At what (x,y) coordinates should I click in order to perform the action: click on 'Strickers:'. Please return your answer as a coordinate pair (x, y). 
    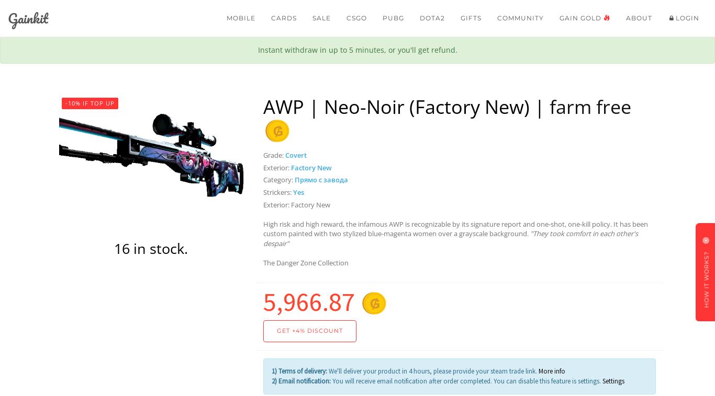
    Looking at the image, I should click on (278, 192).